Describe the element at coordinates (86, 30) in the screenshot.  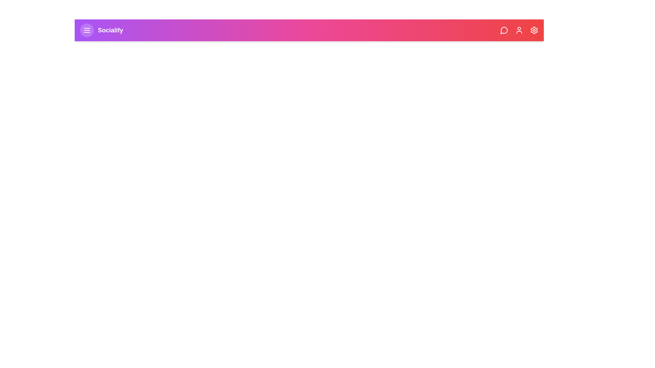
I see `the menu button to open the menu` at that location.